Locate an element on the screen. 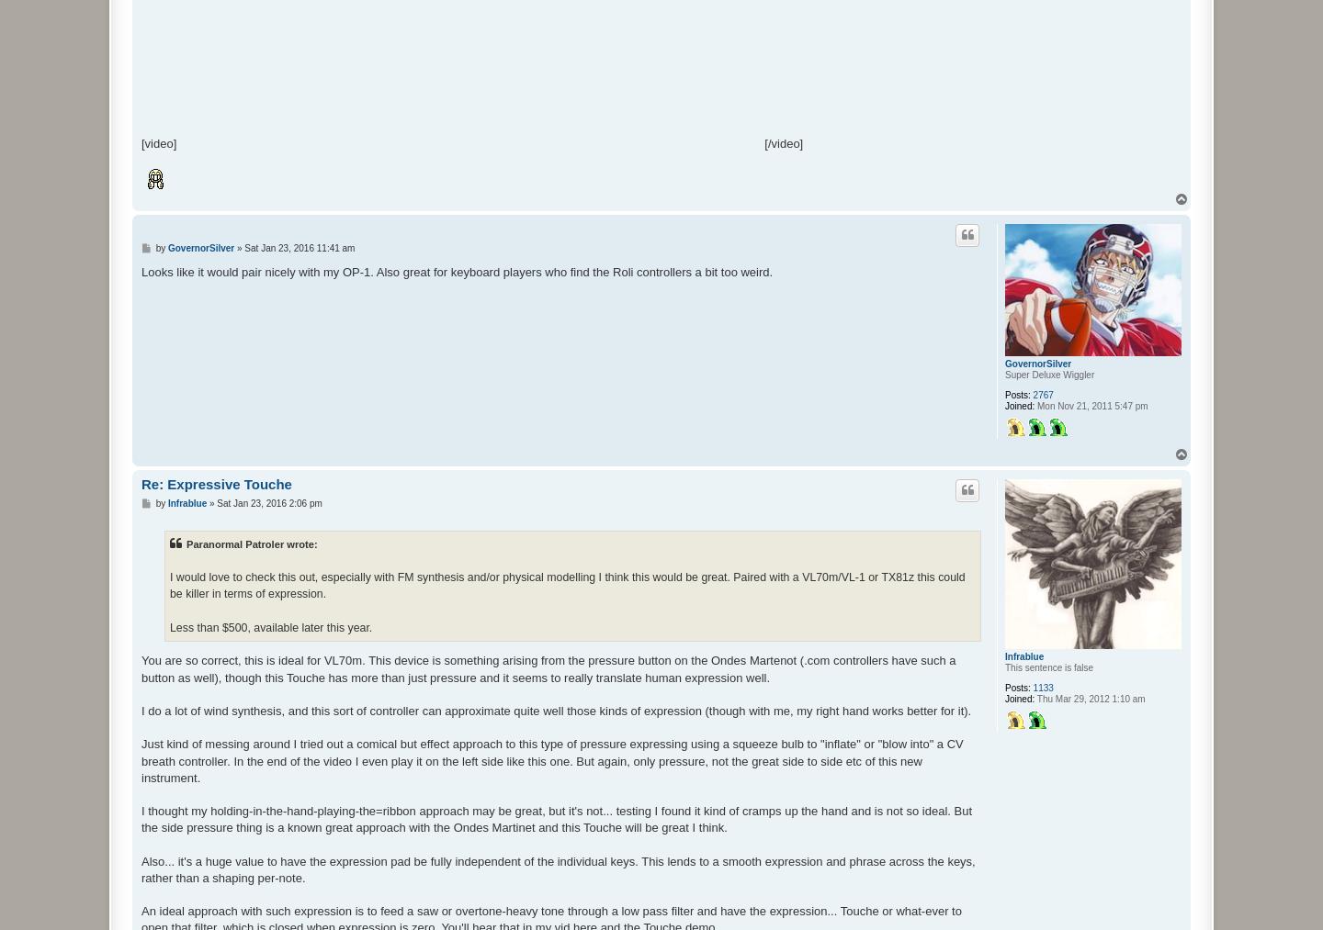  'This sentence is false' is located at coordinates (1049, 667).